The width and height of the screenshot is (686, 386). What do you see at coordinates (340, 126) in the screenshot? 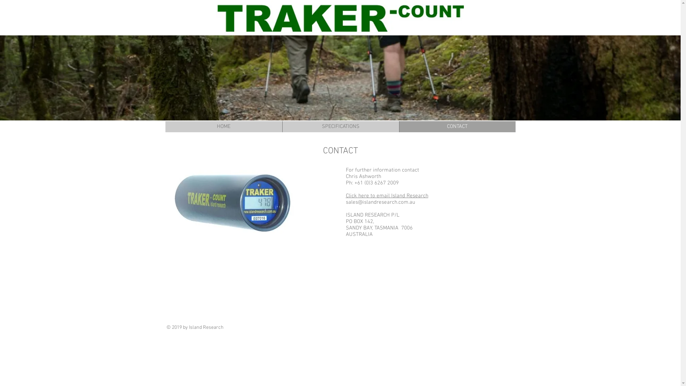
I see `'SPECIFICATIONS'` at bounding box center [340, 126].